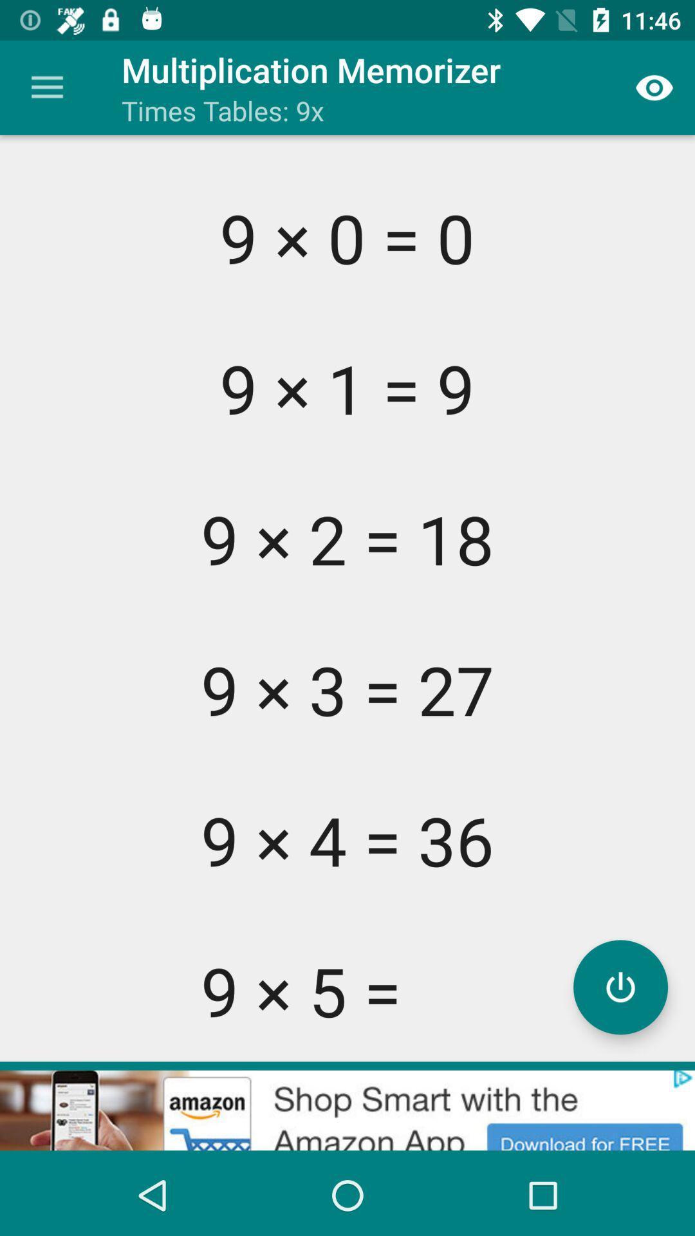 The width and height of the screenshot is (695, 1236). I want to click on stop, so click(620, 986).